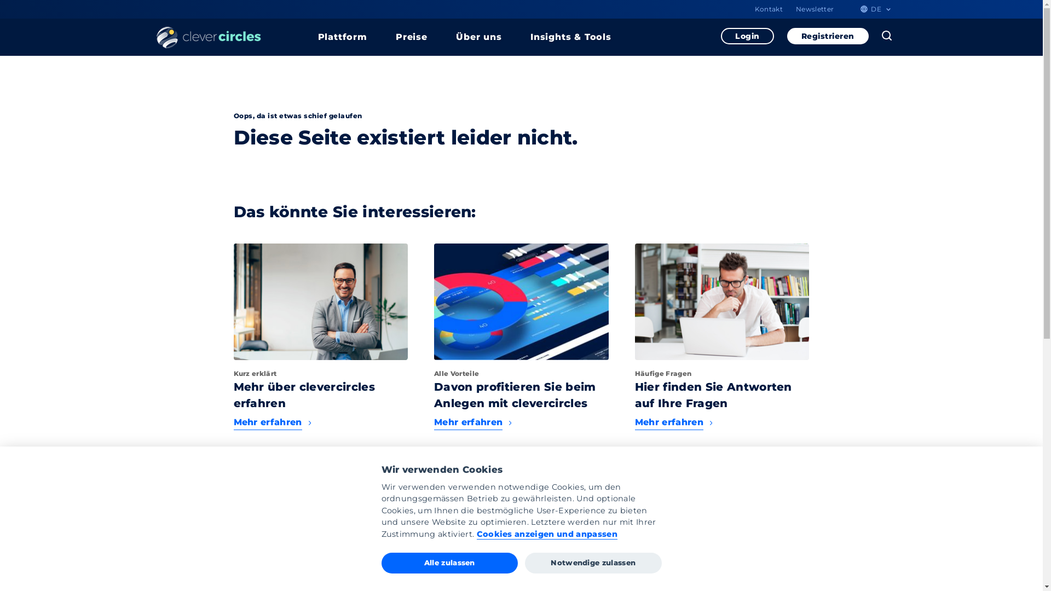 The width and height of the screenshot is (1051, 591). Describe the element at coordinates (592, 563) in the screenshot. I see `'Notwendige zulassen'` at that location.